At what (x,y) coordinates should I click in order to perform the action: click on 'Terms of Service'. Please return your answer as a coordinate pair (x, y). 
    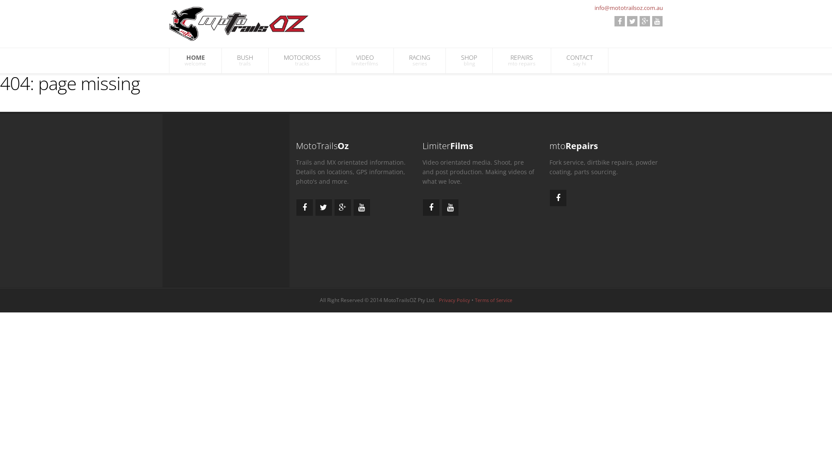
    Looking at the image, I should click on (474, 299).